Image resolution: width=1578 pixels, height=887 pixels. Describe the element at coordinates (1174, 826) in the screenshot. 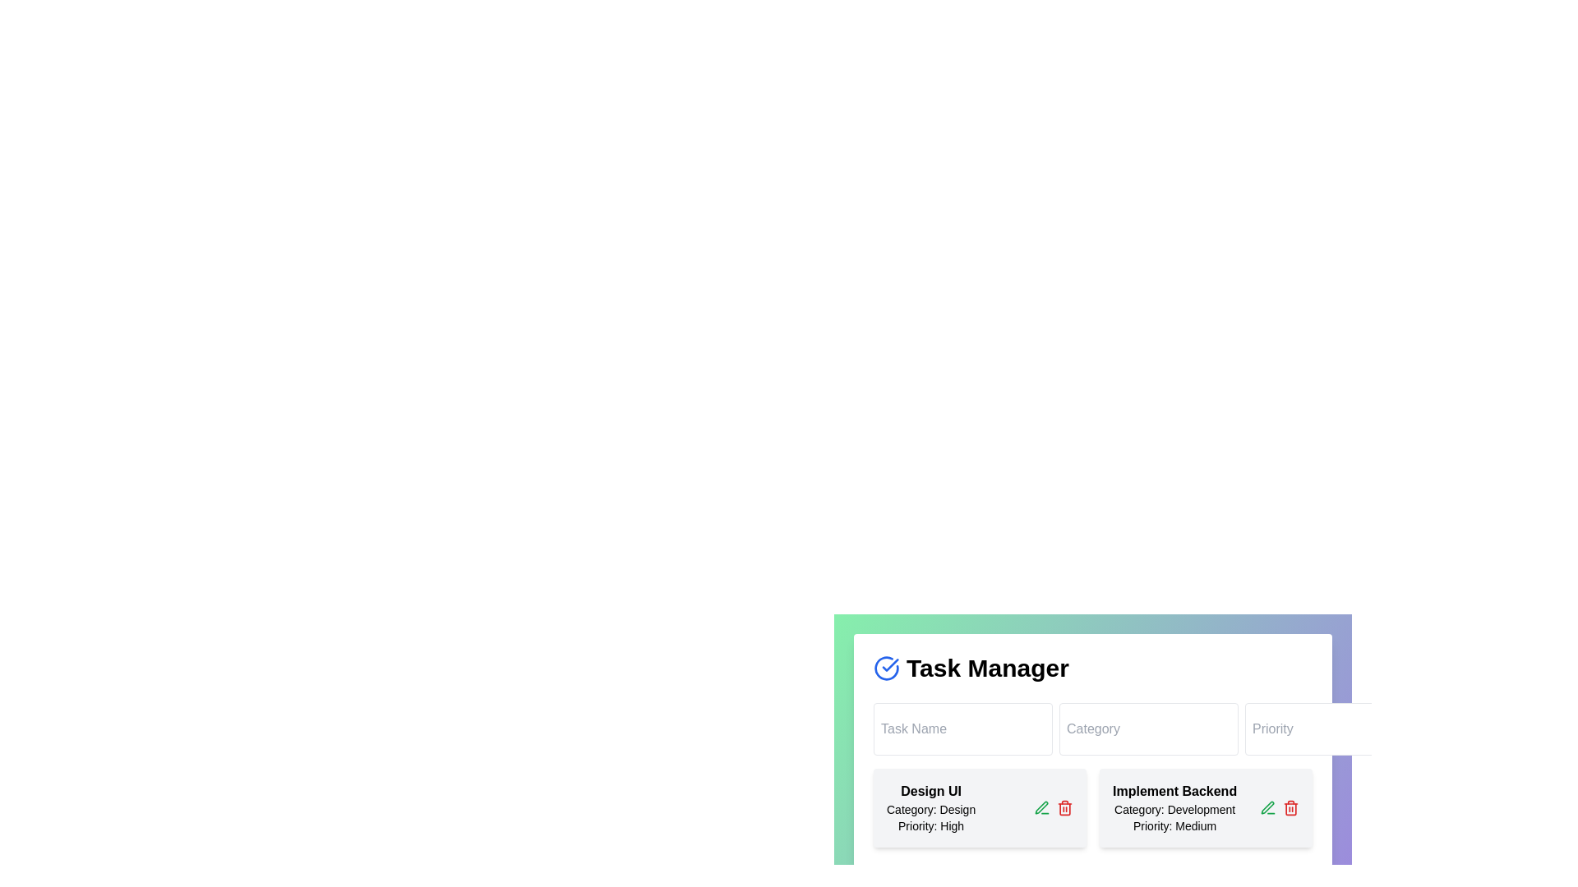

I see `the text label displaying 'Priority: Medium', which is located at the bottom of the 'Implement Backend' task card` at that location.